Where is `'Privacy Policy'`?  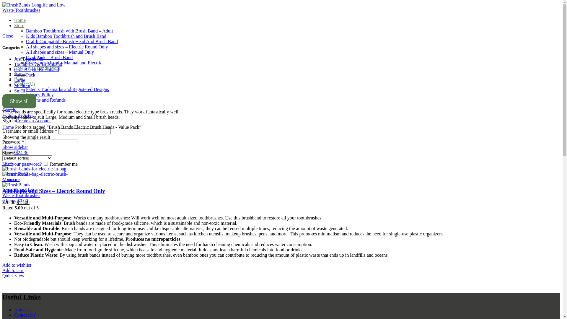
'Privacy Policy' is located at coordinates (39, 94).